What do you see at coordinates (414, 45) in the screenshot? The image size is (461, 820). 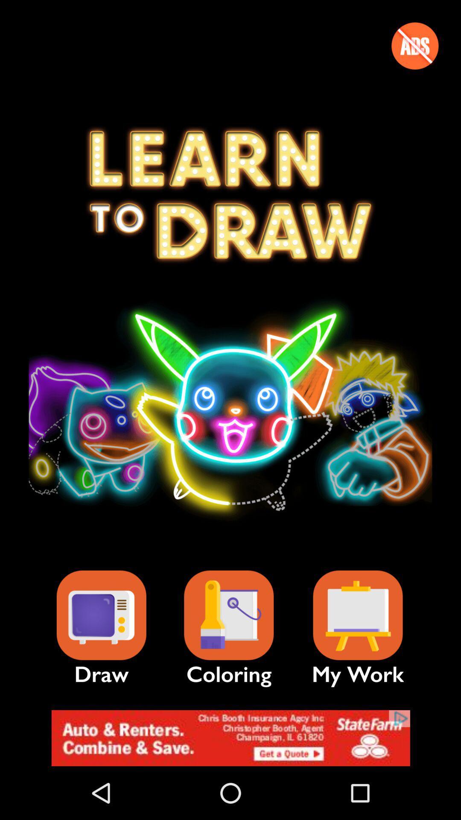 I see `switch advertisement option` at bounding box center [414, 45].